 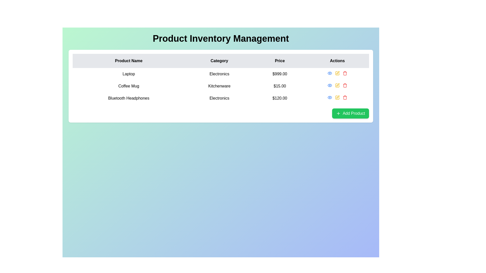 What do you see at coordinates (129, 86) in the screenshot?
I see `the Text label that reads 'Coffee Mug' located in the first column of the second row underneath the 'Product Name' header` at bounding box center [129, 86].